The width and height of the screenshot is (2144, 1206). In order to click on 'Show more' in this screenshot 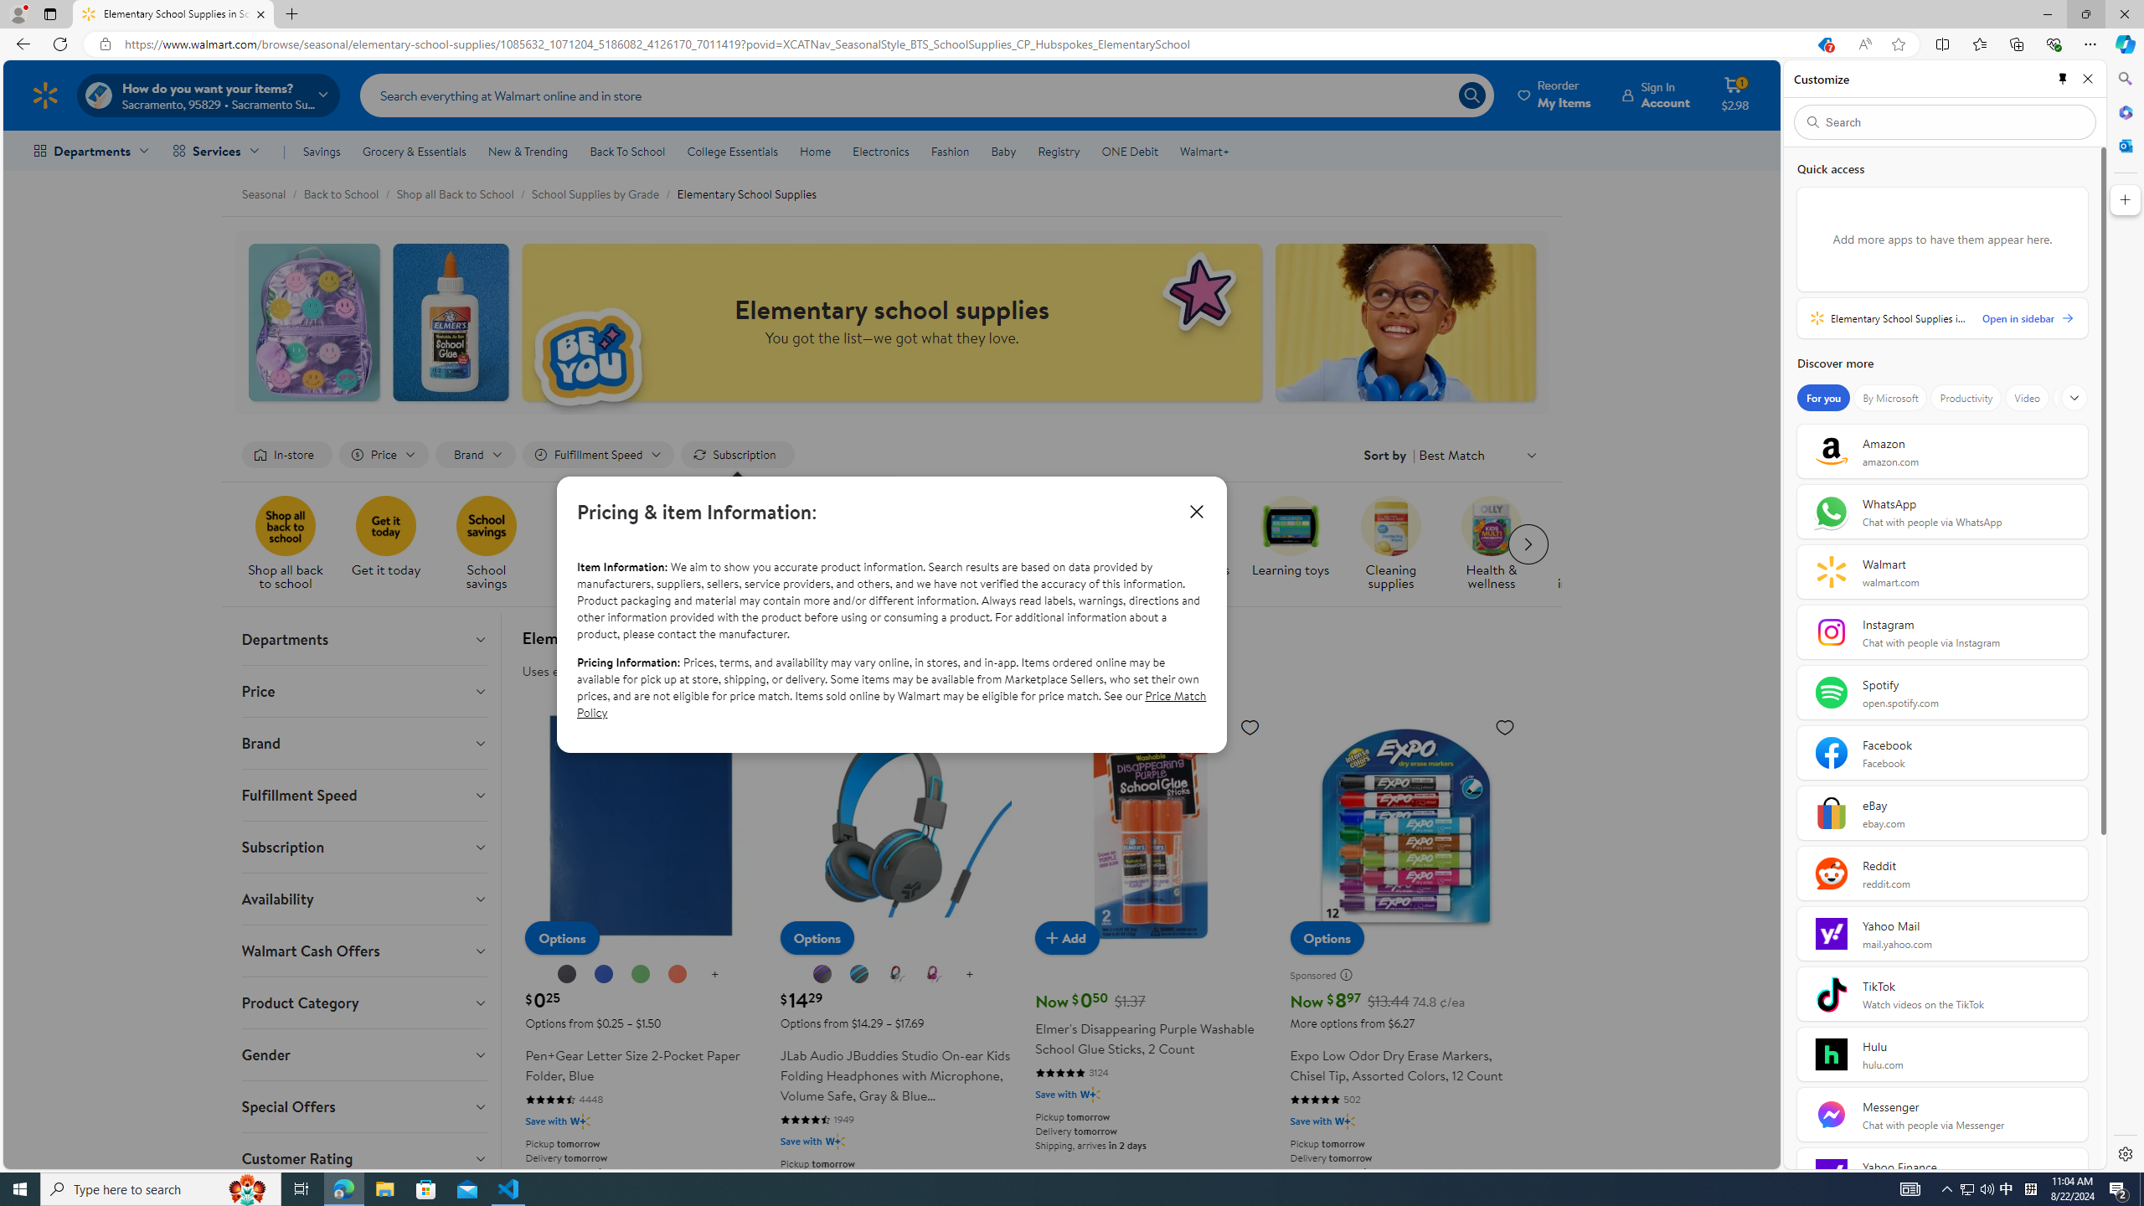, I will do `click(2073, 397)`.